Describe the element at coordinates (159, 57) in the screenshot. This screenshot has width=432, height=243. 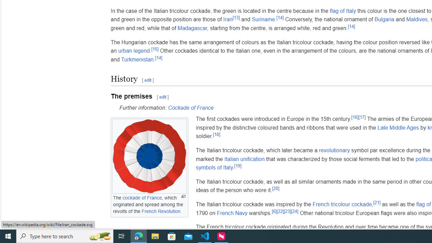
I see `'[14]'` at that location.